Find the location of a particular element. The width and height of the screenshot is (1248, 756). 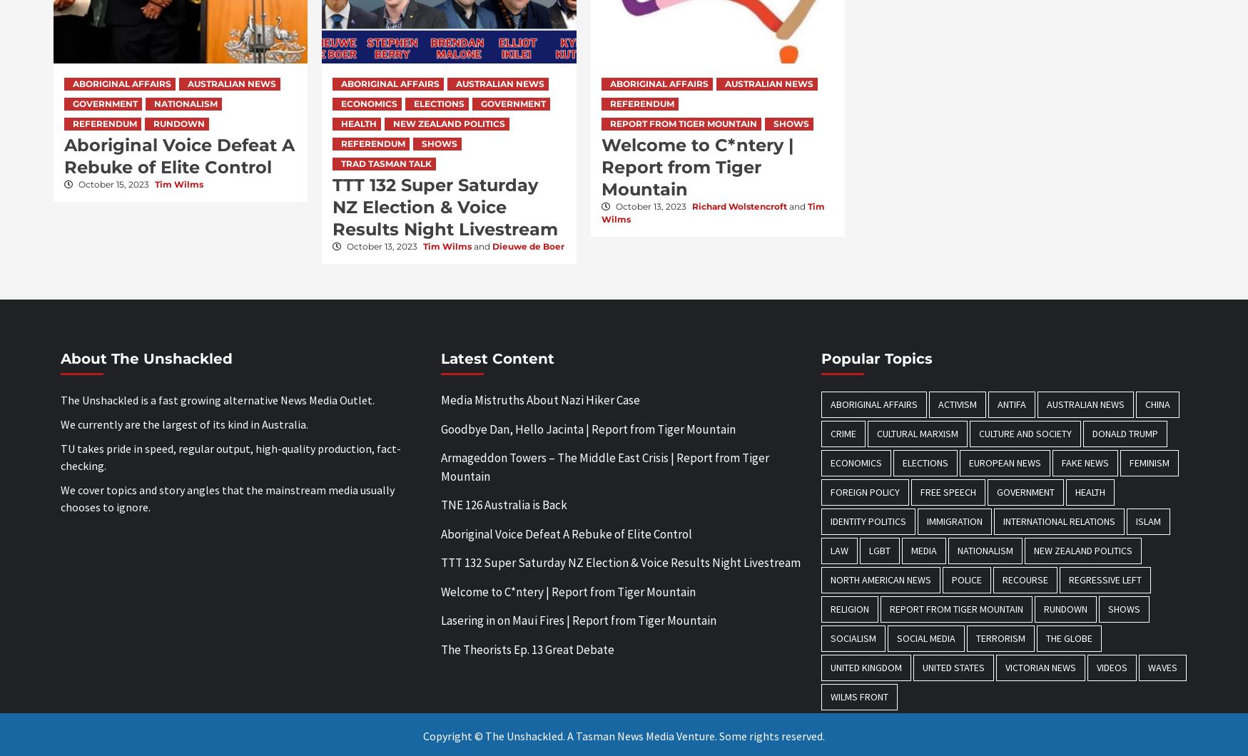

'North American News' is located at coordinates (880, 580).